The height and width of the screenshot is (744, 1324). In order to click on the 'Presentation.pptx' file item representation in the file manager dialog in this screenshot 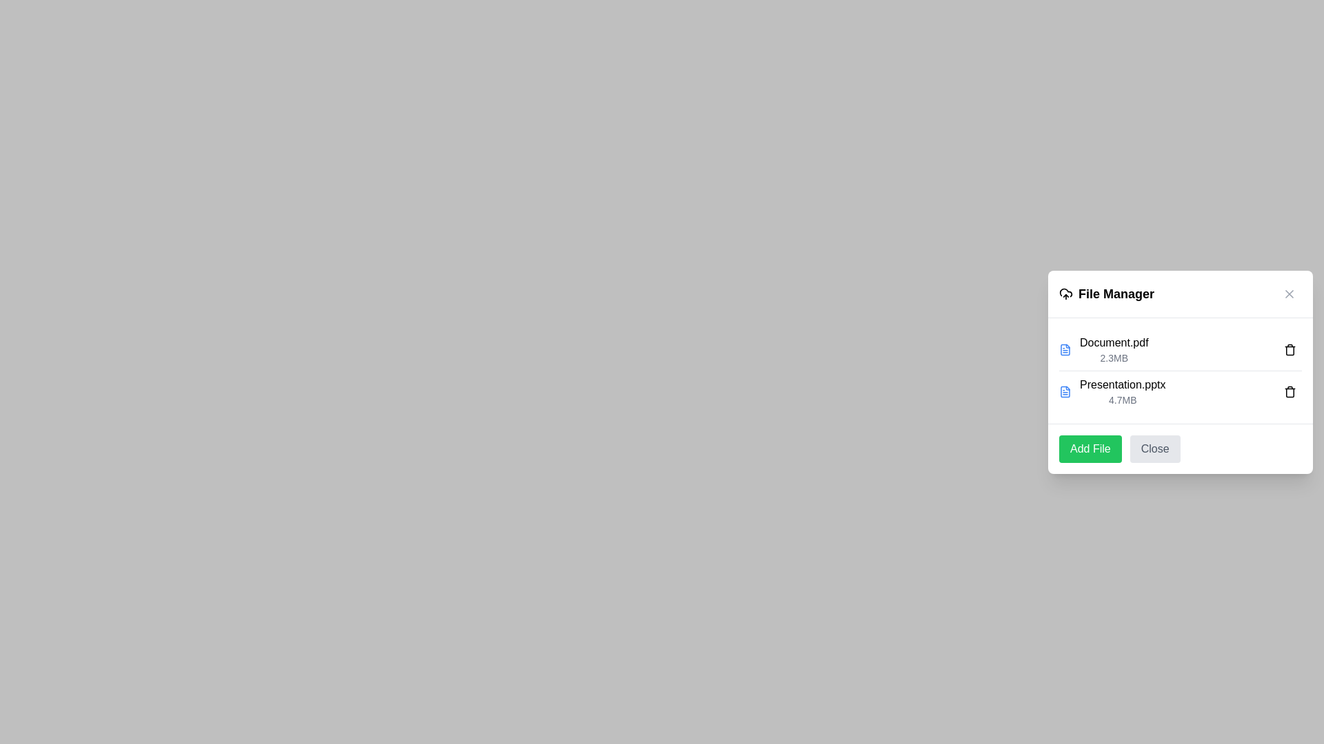, I will do `click(1112, 391)`.